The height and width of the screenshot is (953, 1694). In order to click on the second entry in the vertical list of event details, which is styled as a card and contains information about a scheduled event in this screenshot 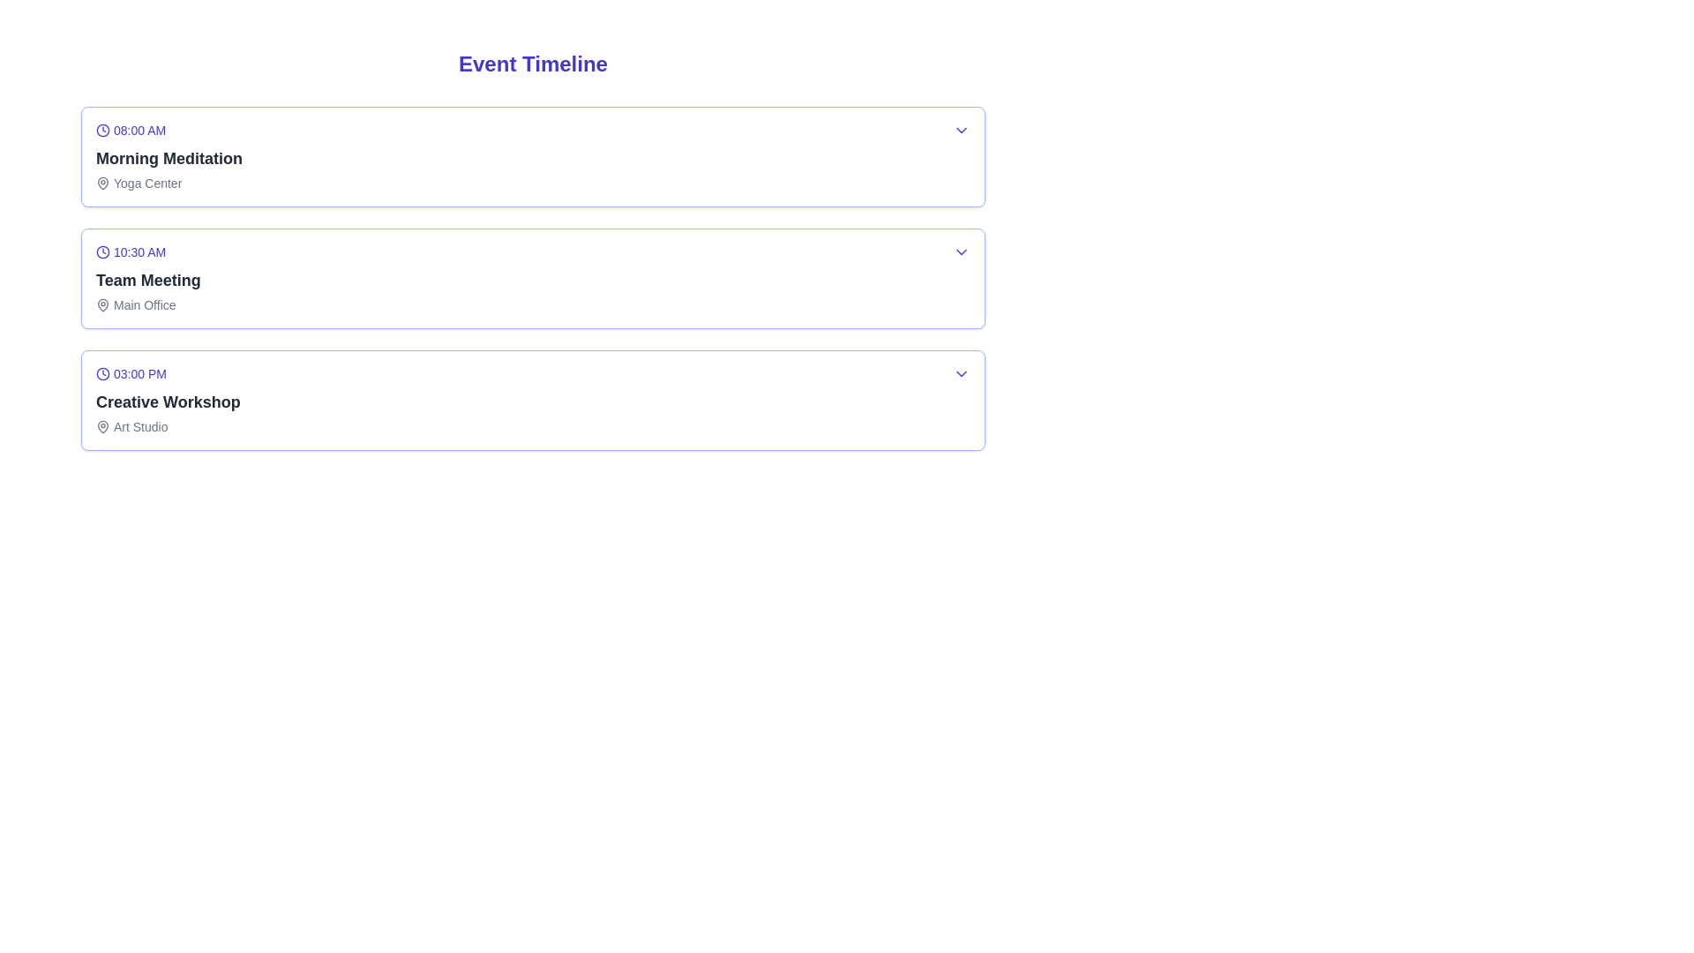, I will do `click(532, 278)`.